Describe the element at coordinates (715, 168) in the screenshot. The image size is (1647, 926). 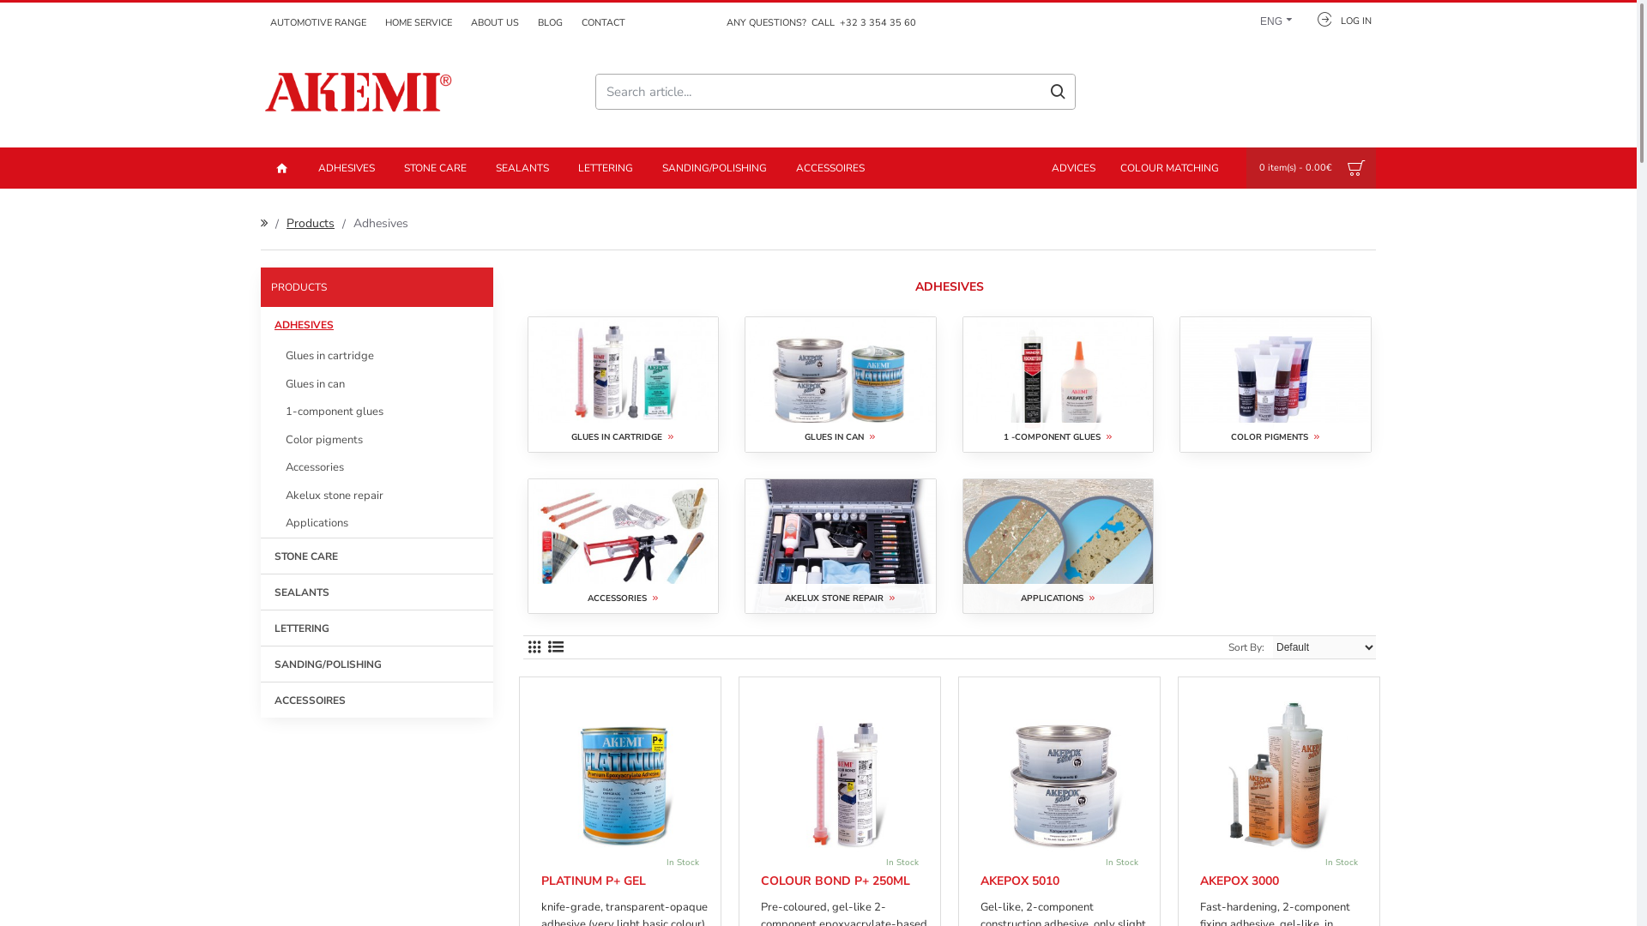
I see `'SANDING/POLISHING'` at that location.